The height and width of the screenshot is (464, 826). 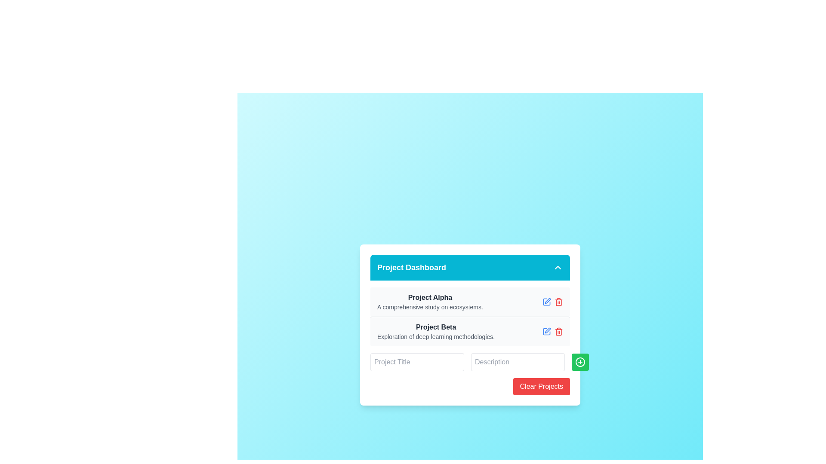 I want to click on the text label that contains 'Exploration of deep learning methodologies.' located directly below the bold heading 'Project Beta' in the Project Dashboard interface, so click(x=436, y=336).